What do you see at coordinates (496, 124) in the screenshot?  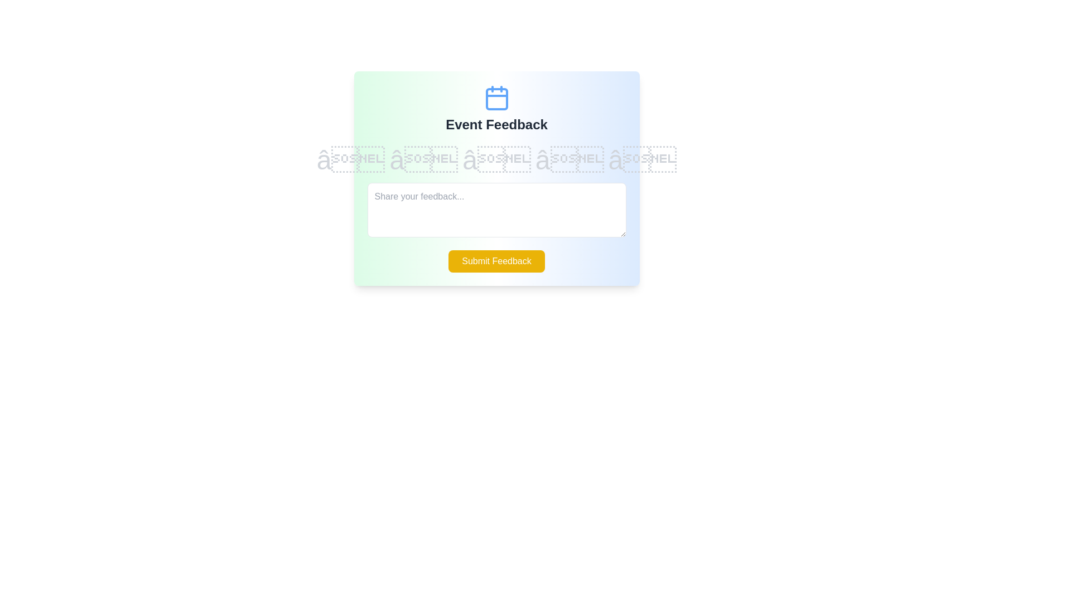 I see `the 'Event Feedback' title for reading` at bounding box center [496, 124].